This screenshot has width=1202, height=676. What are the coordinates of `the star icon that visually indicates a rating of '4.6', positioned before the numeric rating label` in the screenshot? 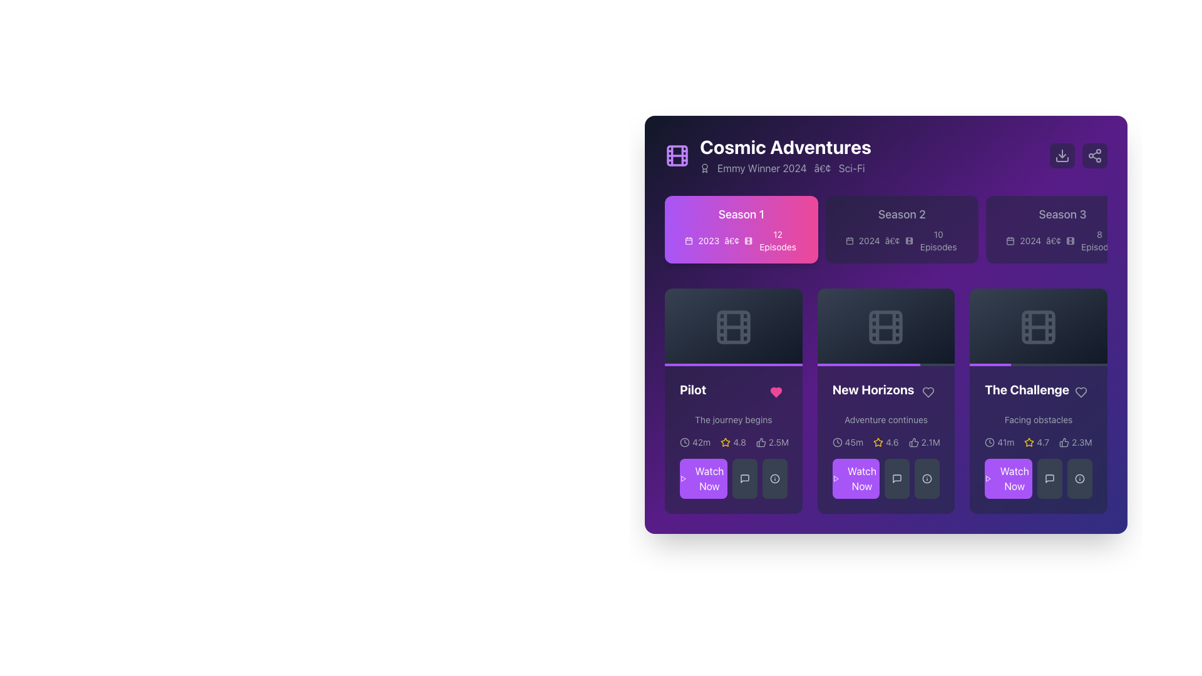 It's located at (878, 441).